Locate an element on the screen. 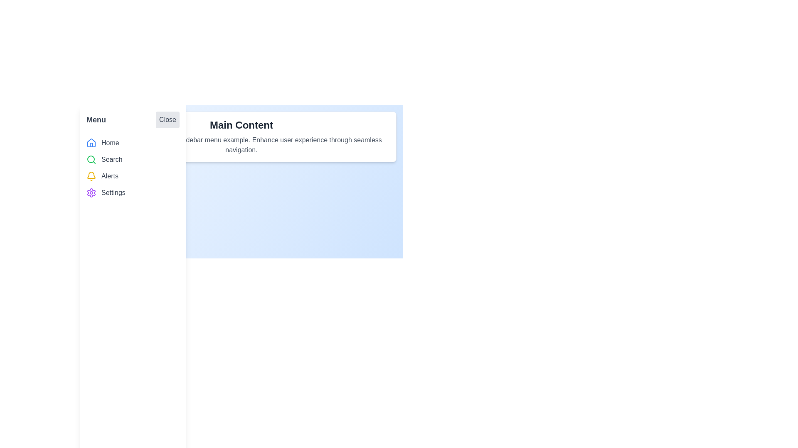 The width and height of the screenshot is (798, 448). the settings icon in the sidebar, which is located in the fourth position below the Alerts icon is located at coordinates (91, 193).